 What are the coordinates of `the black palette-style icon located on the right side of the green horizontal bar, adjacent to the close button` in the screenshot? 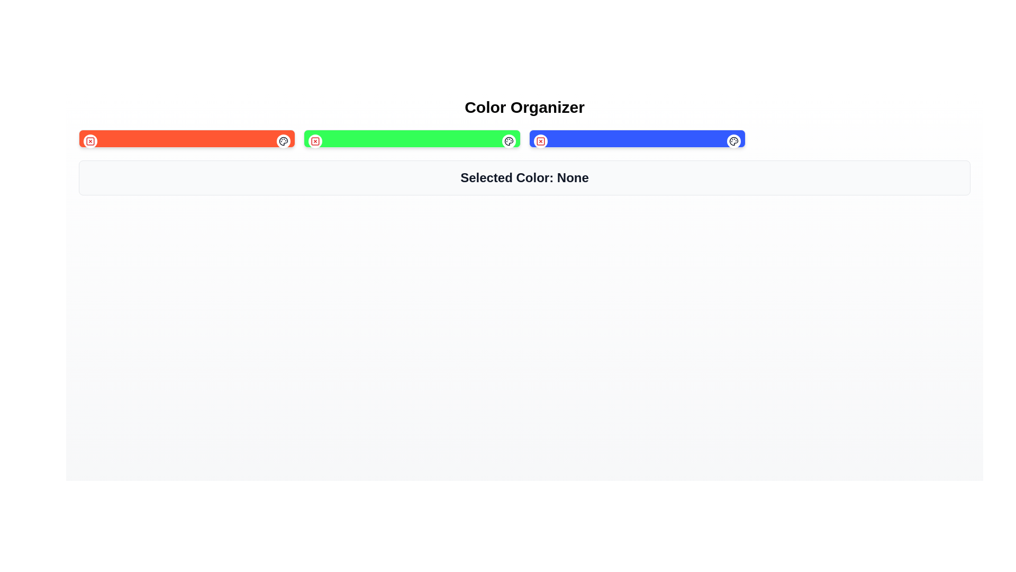 It's located at (509, 140).